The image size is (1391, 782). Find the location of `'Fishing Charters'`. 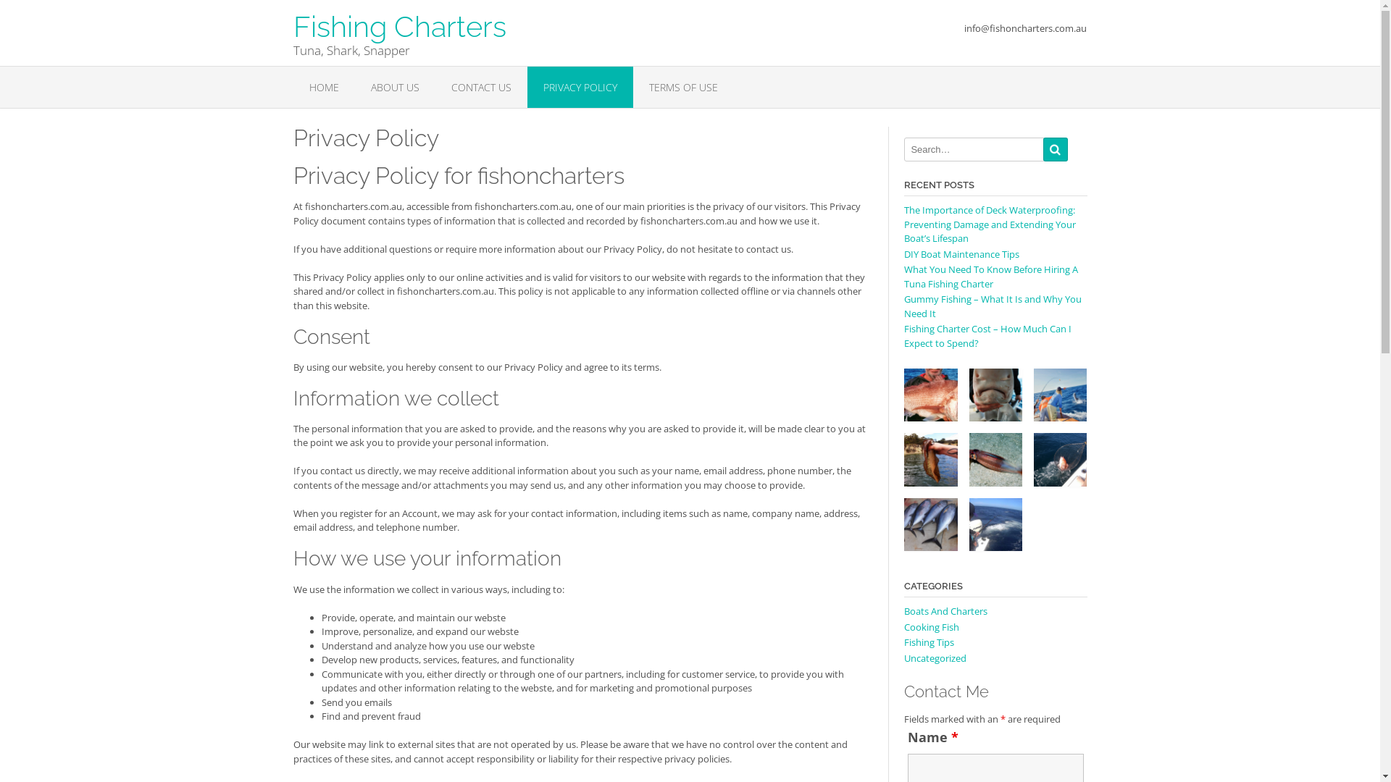

'Fishing Charters' is located at coordinates (399, 20).